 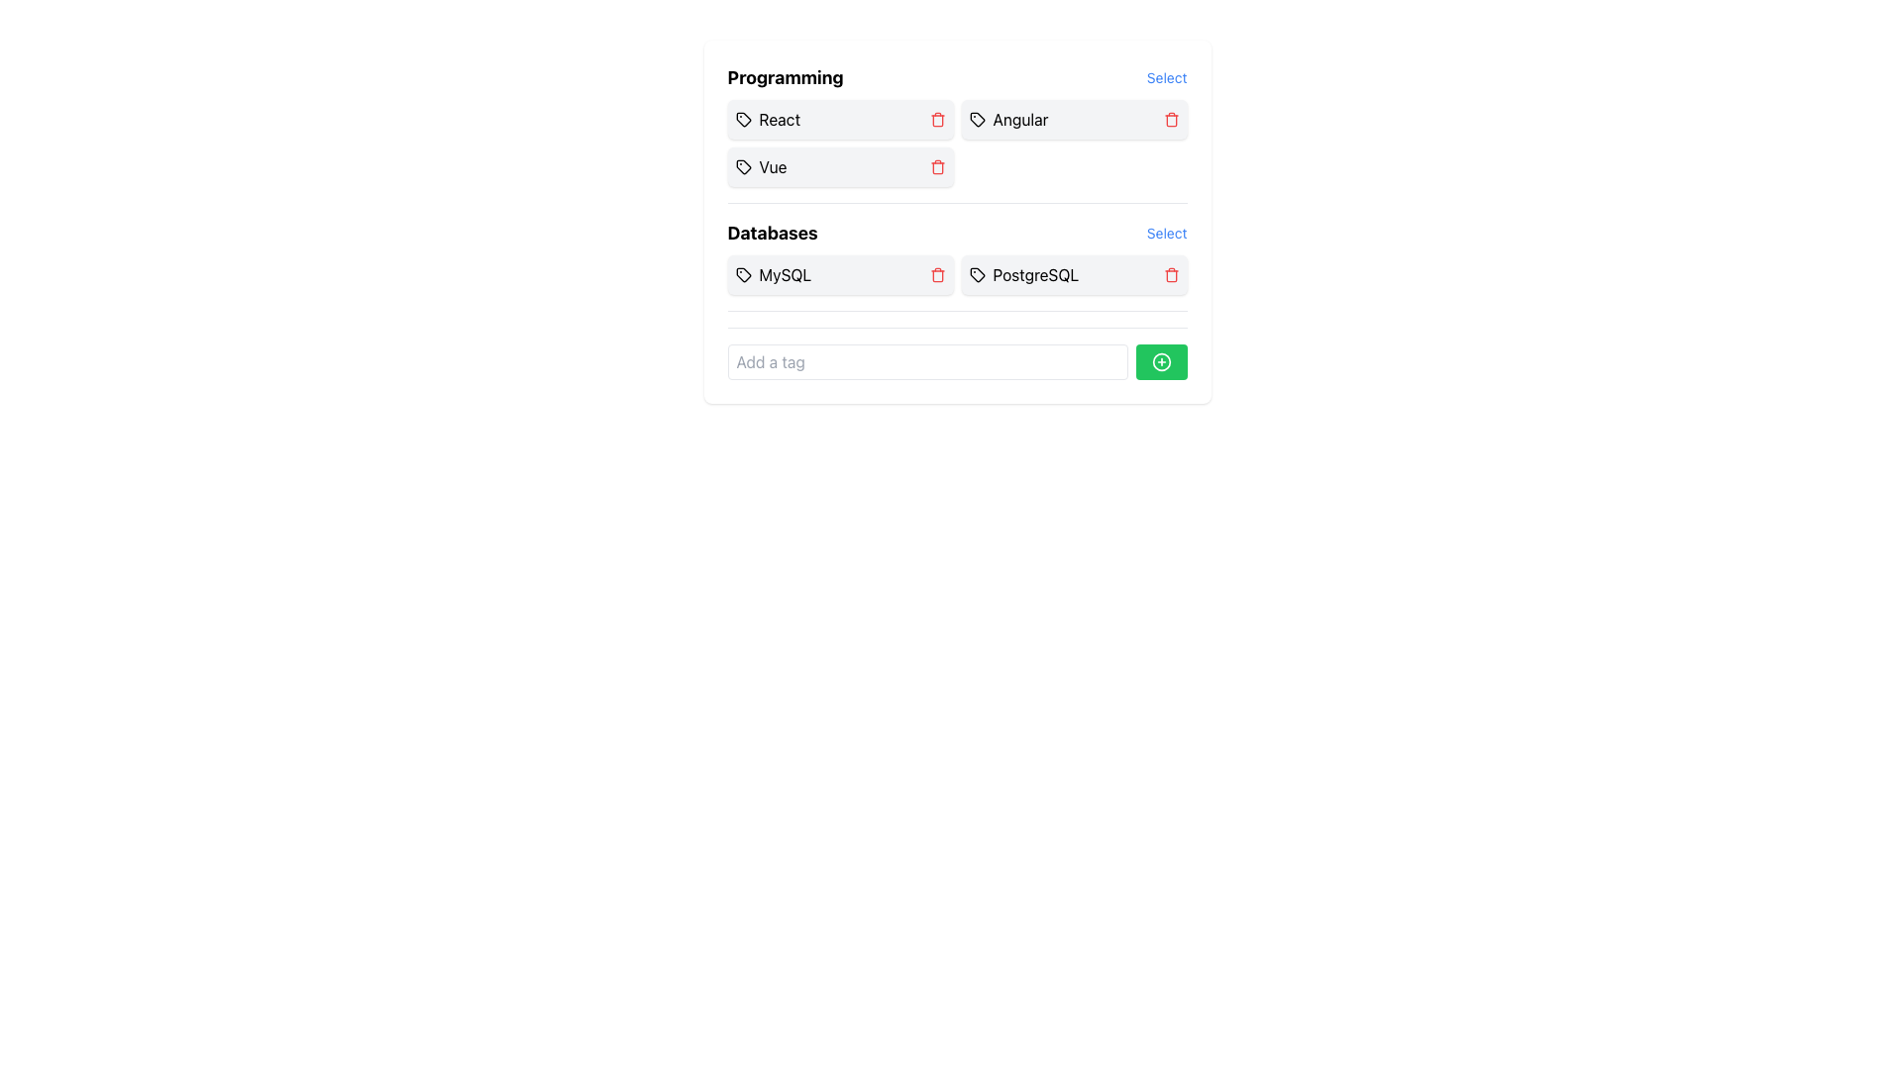 What do you see at coordinates (1161, 362) in the screenshot?
I see `the button located immediately to the right of the 'Add a tag' text input field, which serves as an action button for adding tags` at bounding box center [1161, 362].